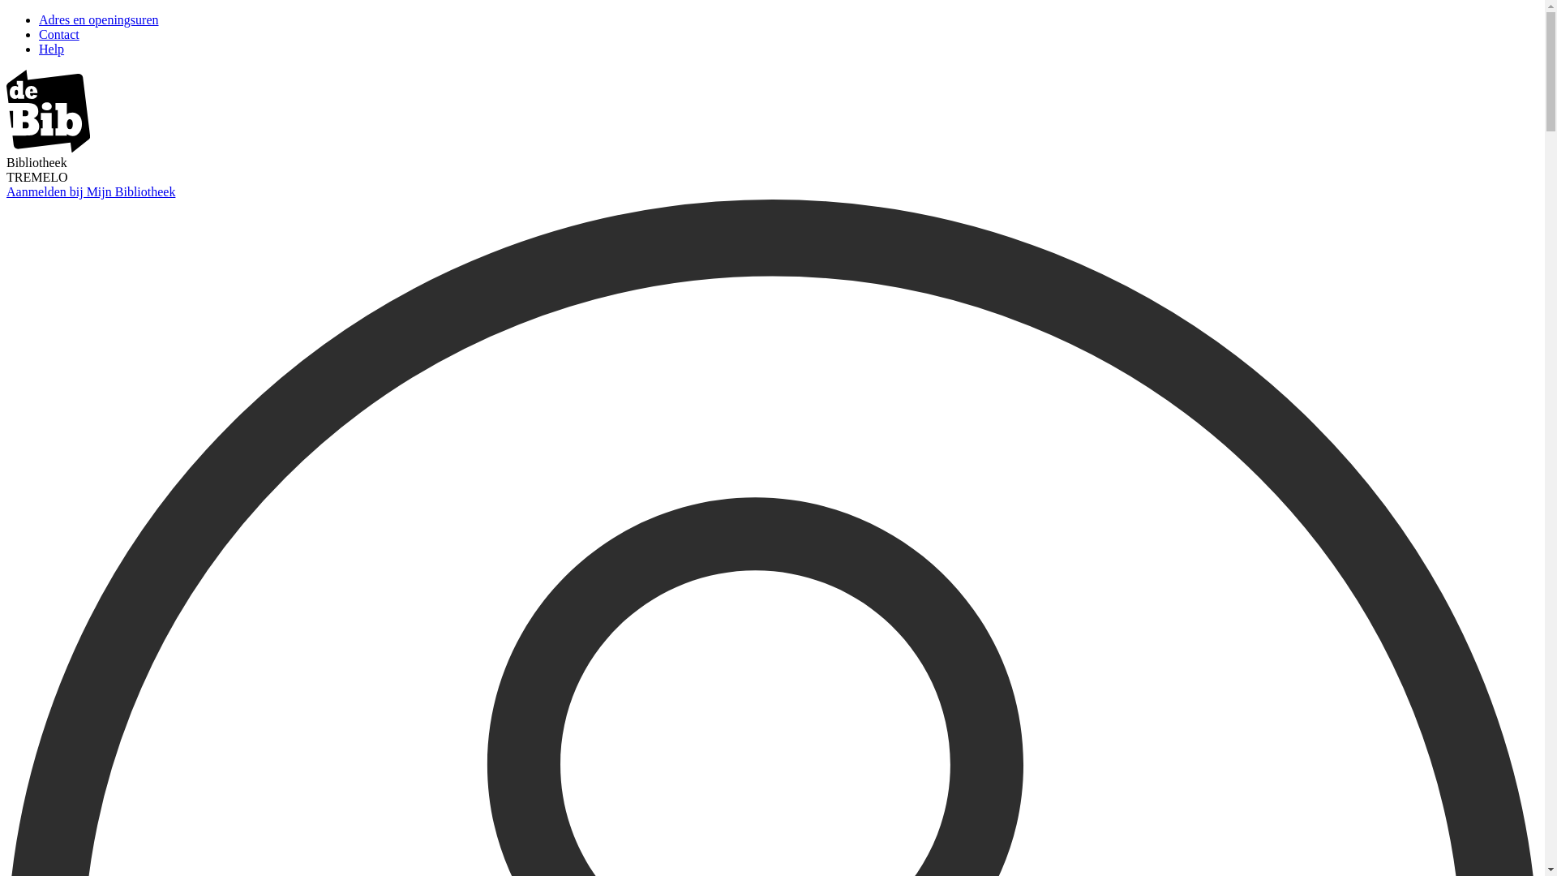  Describe the element at coordinates (89, 191) in the screenshot. I see `'Aanmelden bij Mijn Bibliotheek'` at that location.